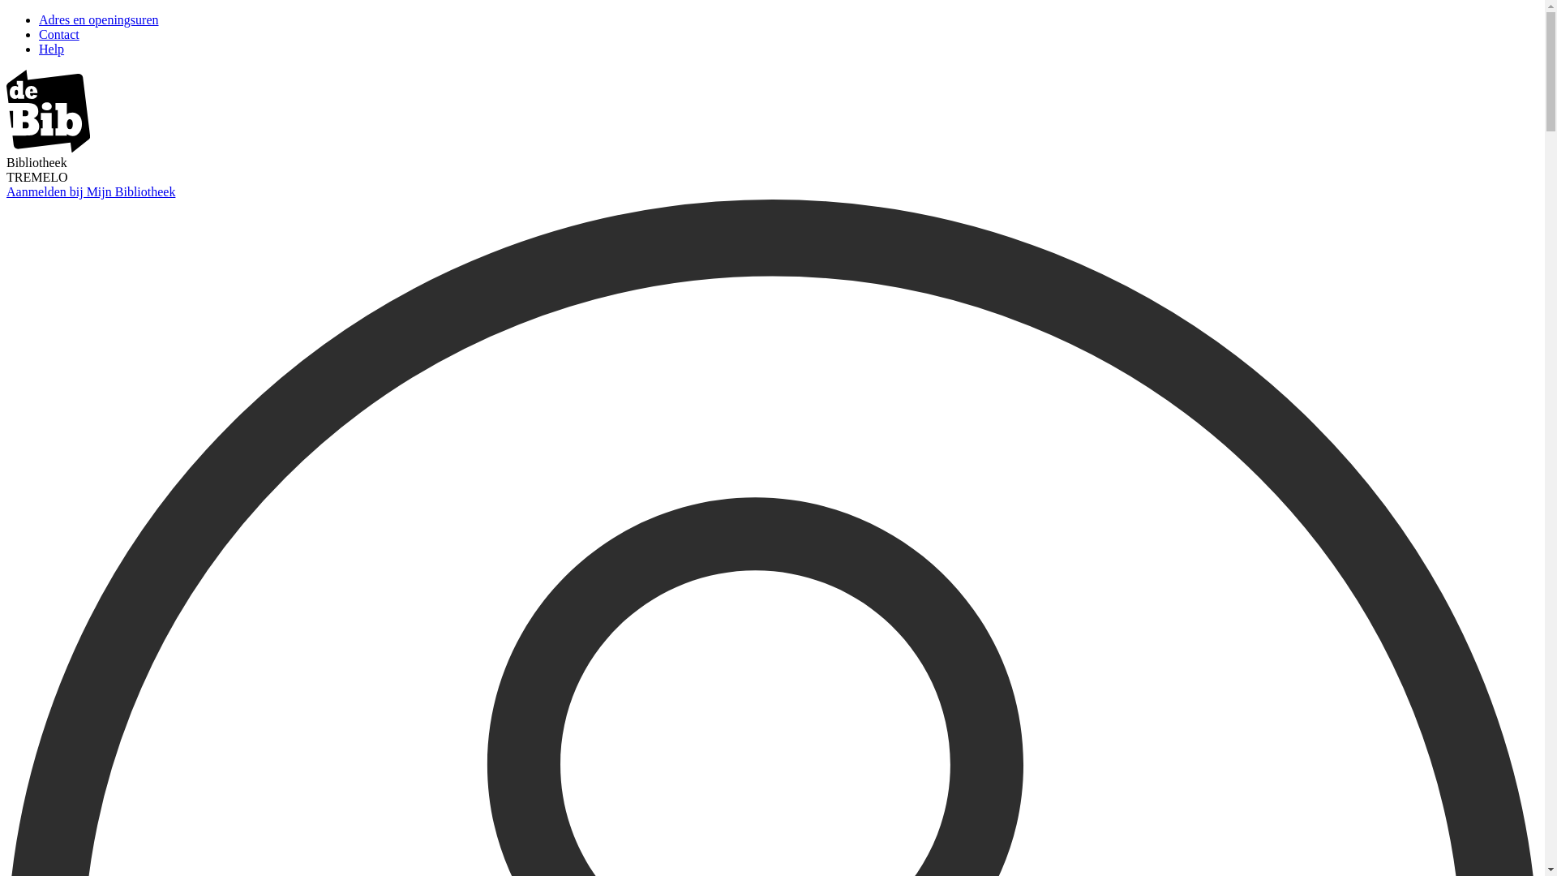  Describe the element at coordinates (89, 191) in the screenshot. I see `'Aanmelden bij Mijn Bibliotheek'` at that location.